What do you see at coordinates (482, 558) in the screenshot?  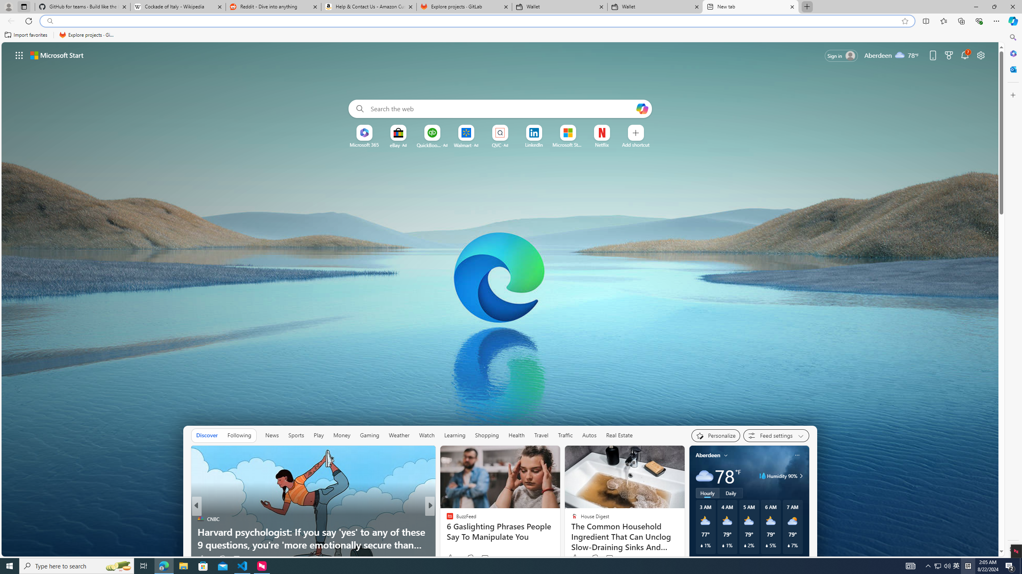 I see `'View comments 1k Comment'` at bounding box center [482, 558].